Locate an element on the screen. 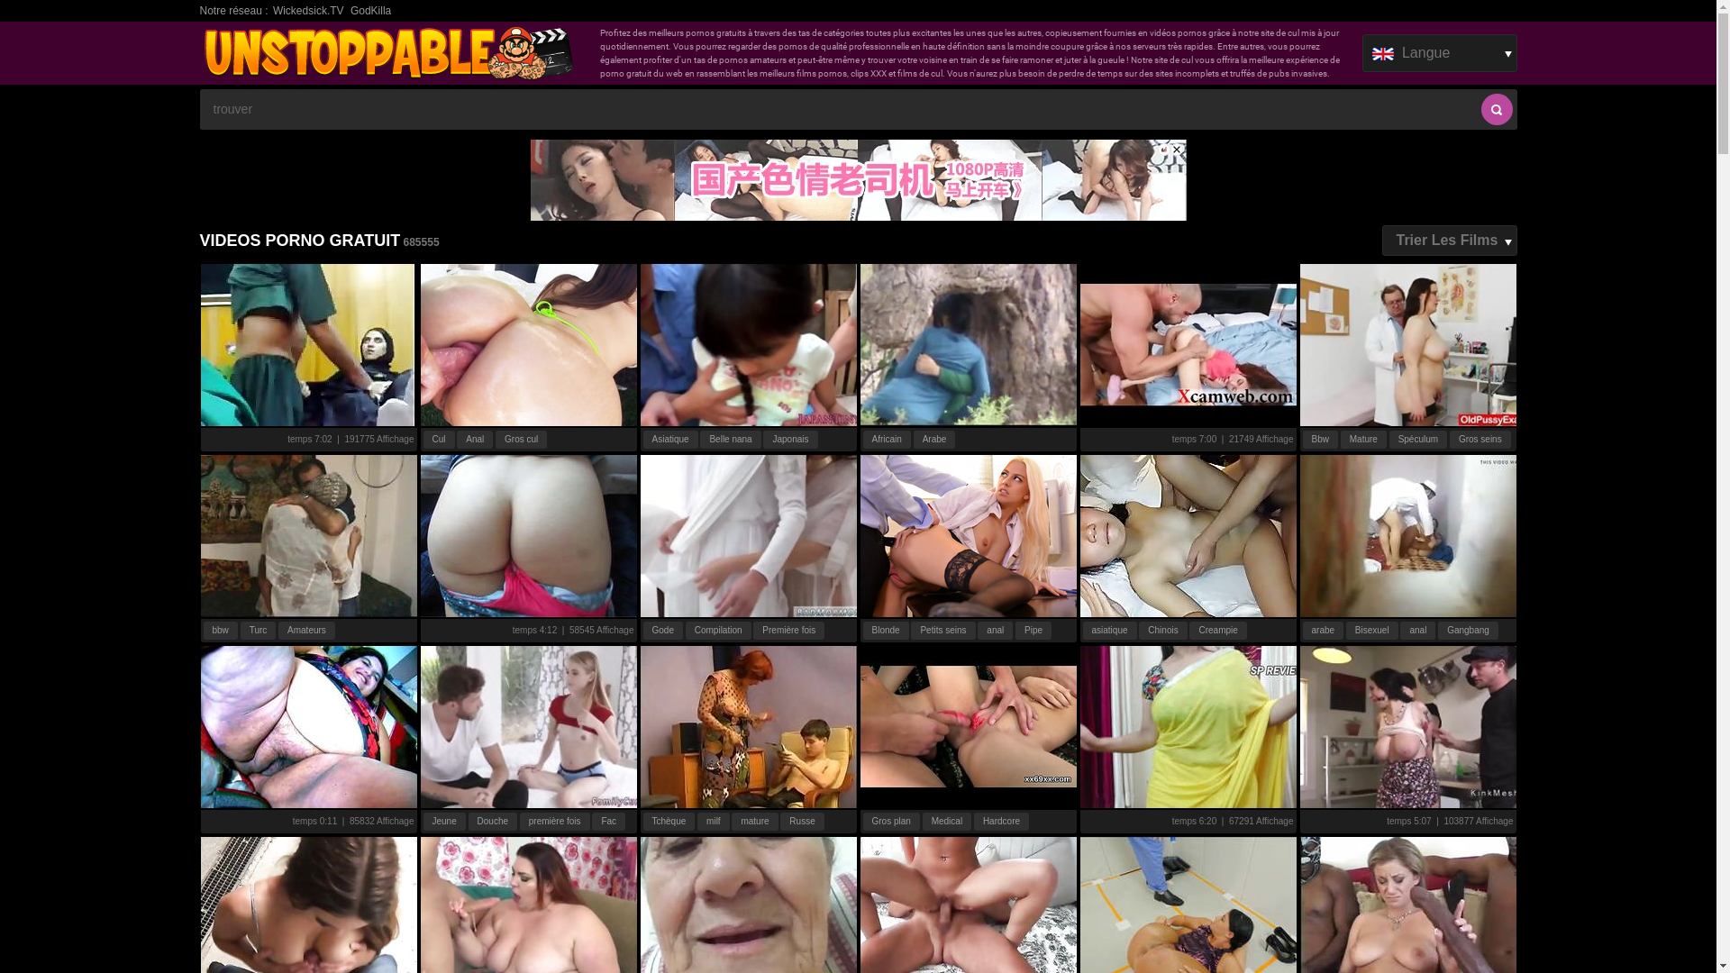 The image size is (1730, 973). 'Gangbang' is located at coordinates (1468, 629).